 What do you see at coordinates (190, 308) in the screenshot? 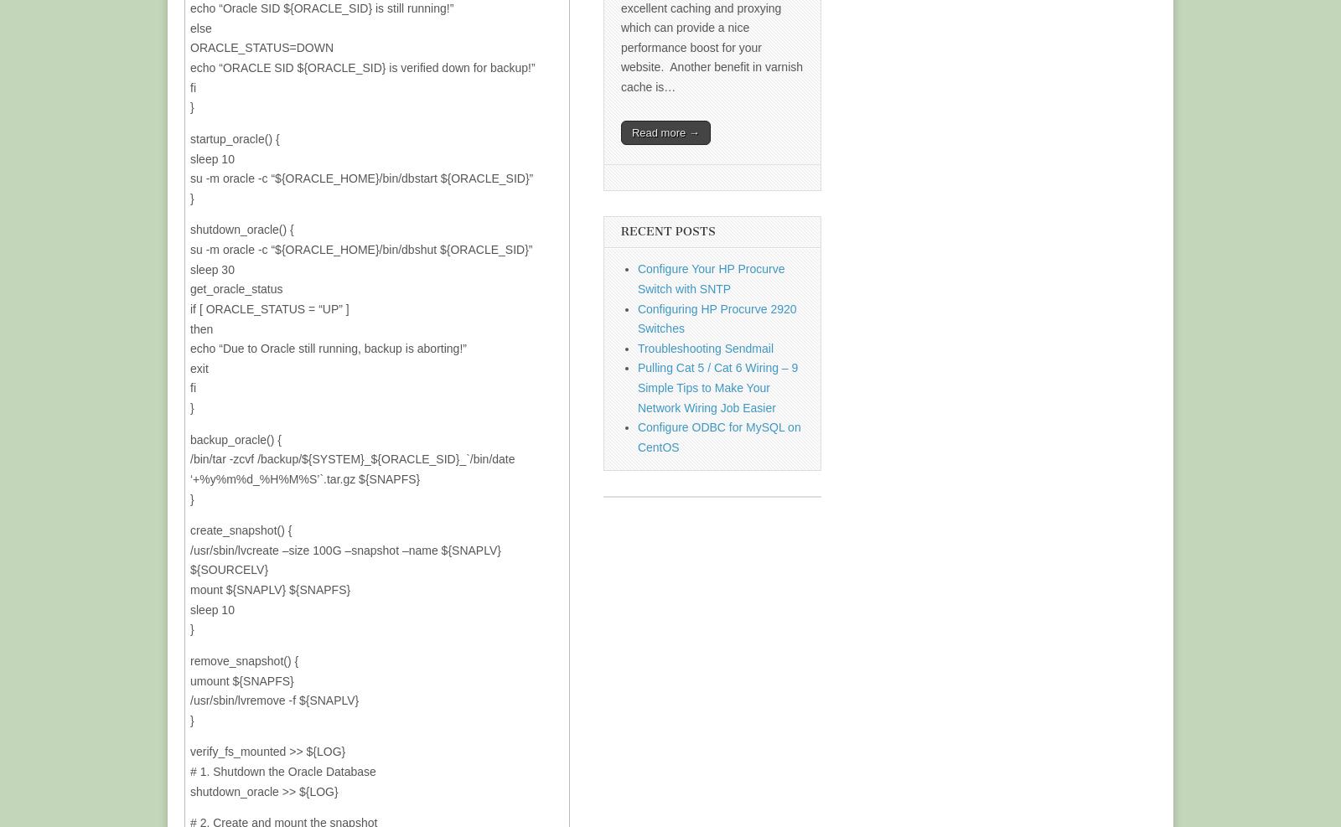
I see `'if [ ORACLE_STATUS = “UP” ]'` at bounding box center [190, 308].